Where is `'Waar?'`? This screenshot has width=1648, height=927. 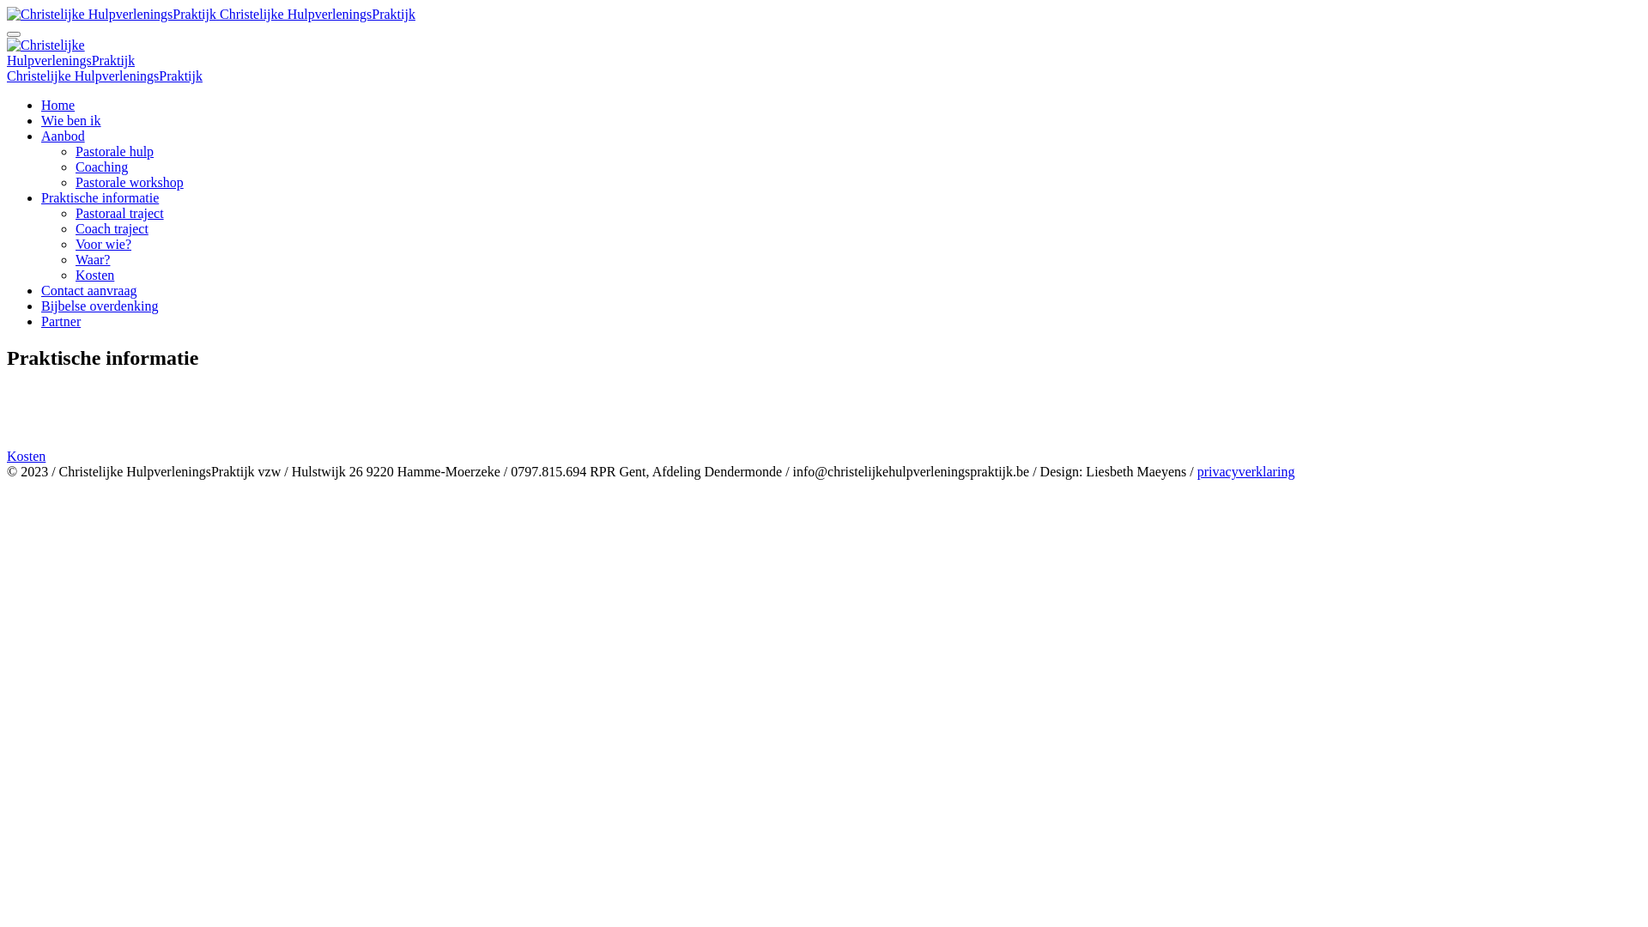 'Waar?' is located at coordinates (74, 259).